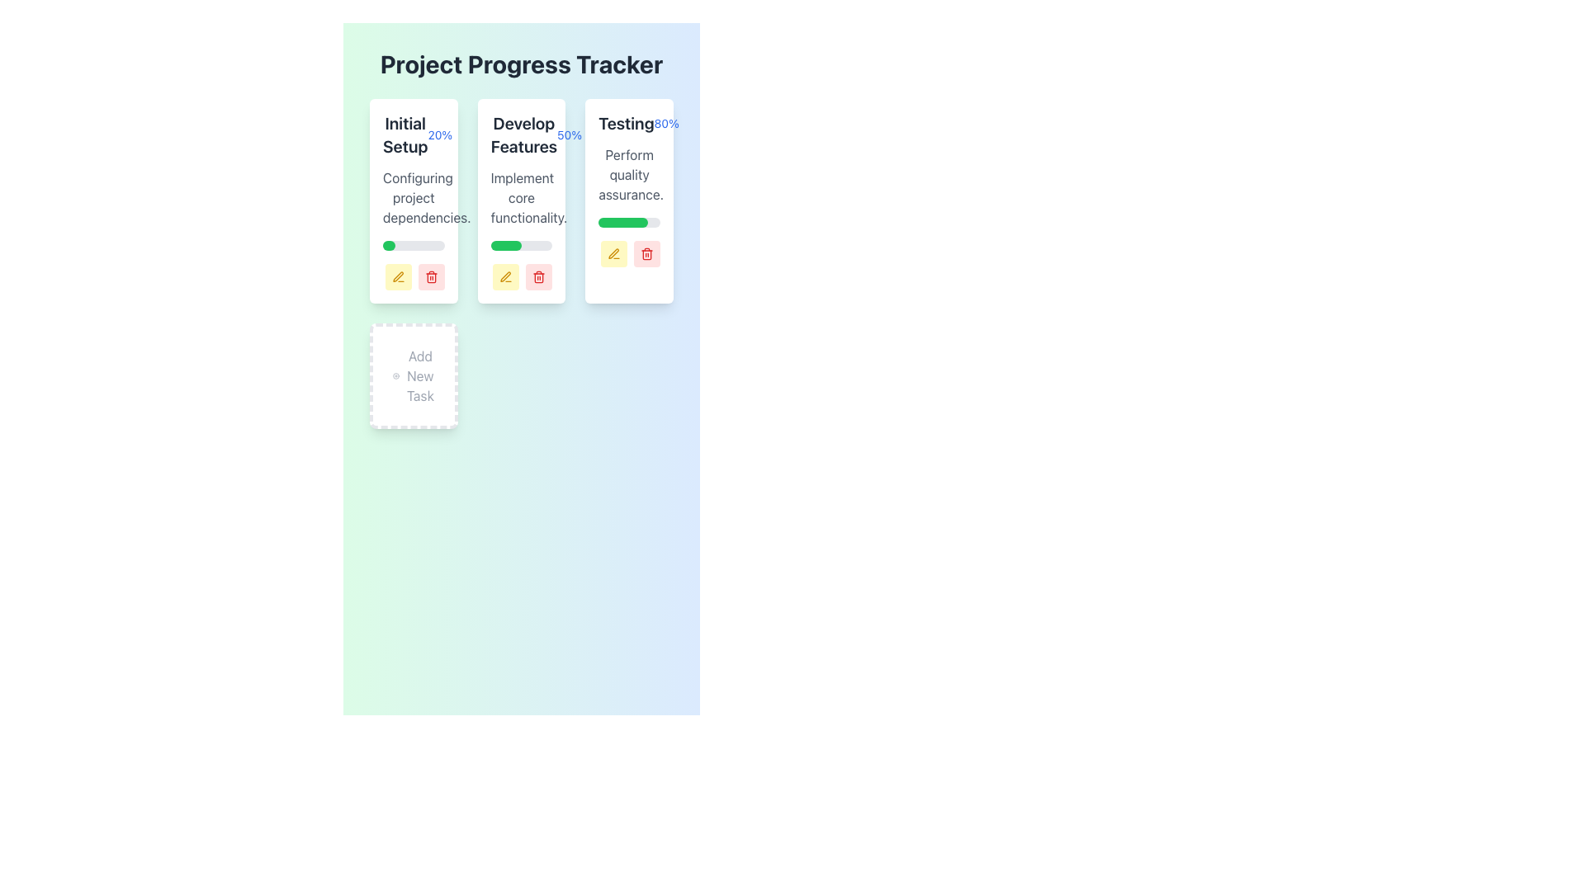 Image resolution: width=1585 pixels, height=891 pixels. What do you see at coordinates (440, 134) in the screenshot?
I see `the text label displaying '20%' which is styled in blue and positioned next to the title 'Initial Setup' within the card-like structure` at bounding box center [440, 134].